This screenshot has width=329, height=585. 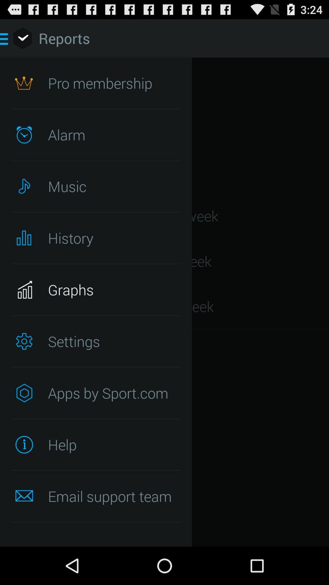 I want to click on icon next to menu and left to reports, so click(x=22, y=38).